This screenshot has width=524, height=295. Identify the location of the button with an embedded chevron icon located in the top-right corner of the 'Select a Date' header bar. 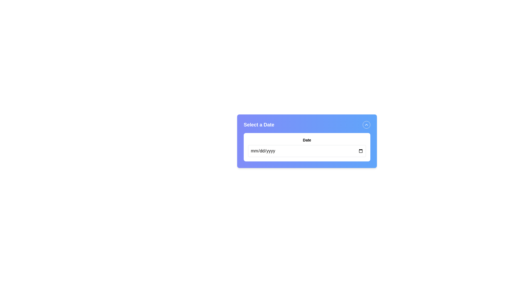
(367, 125).